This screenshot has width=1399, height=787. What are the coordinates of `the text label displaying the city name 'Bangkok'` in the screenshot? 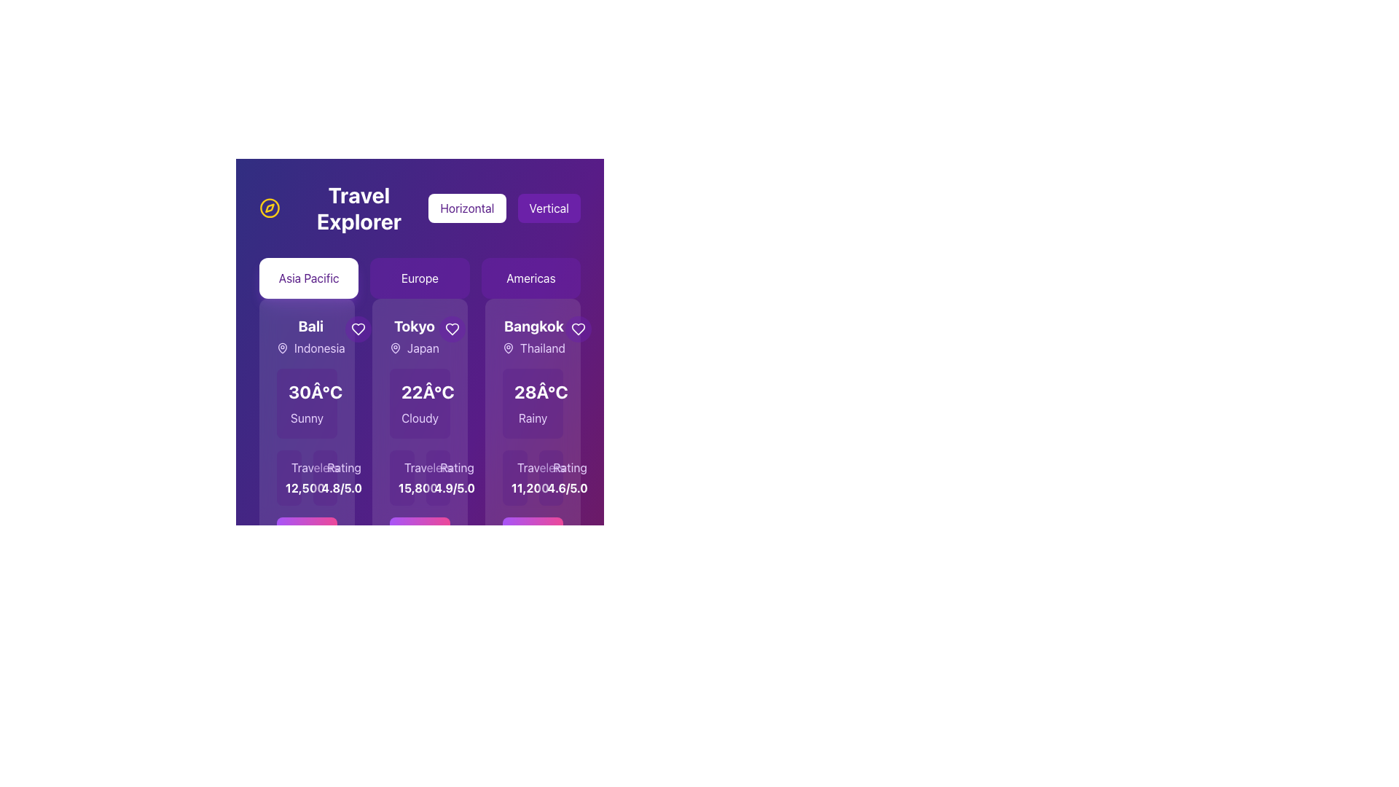 It's located at (533, 325).